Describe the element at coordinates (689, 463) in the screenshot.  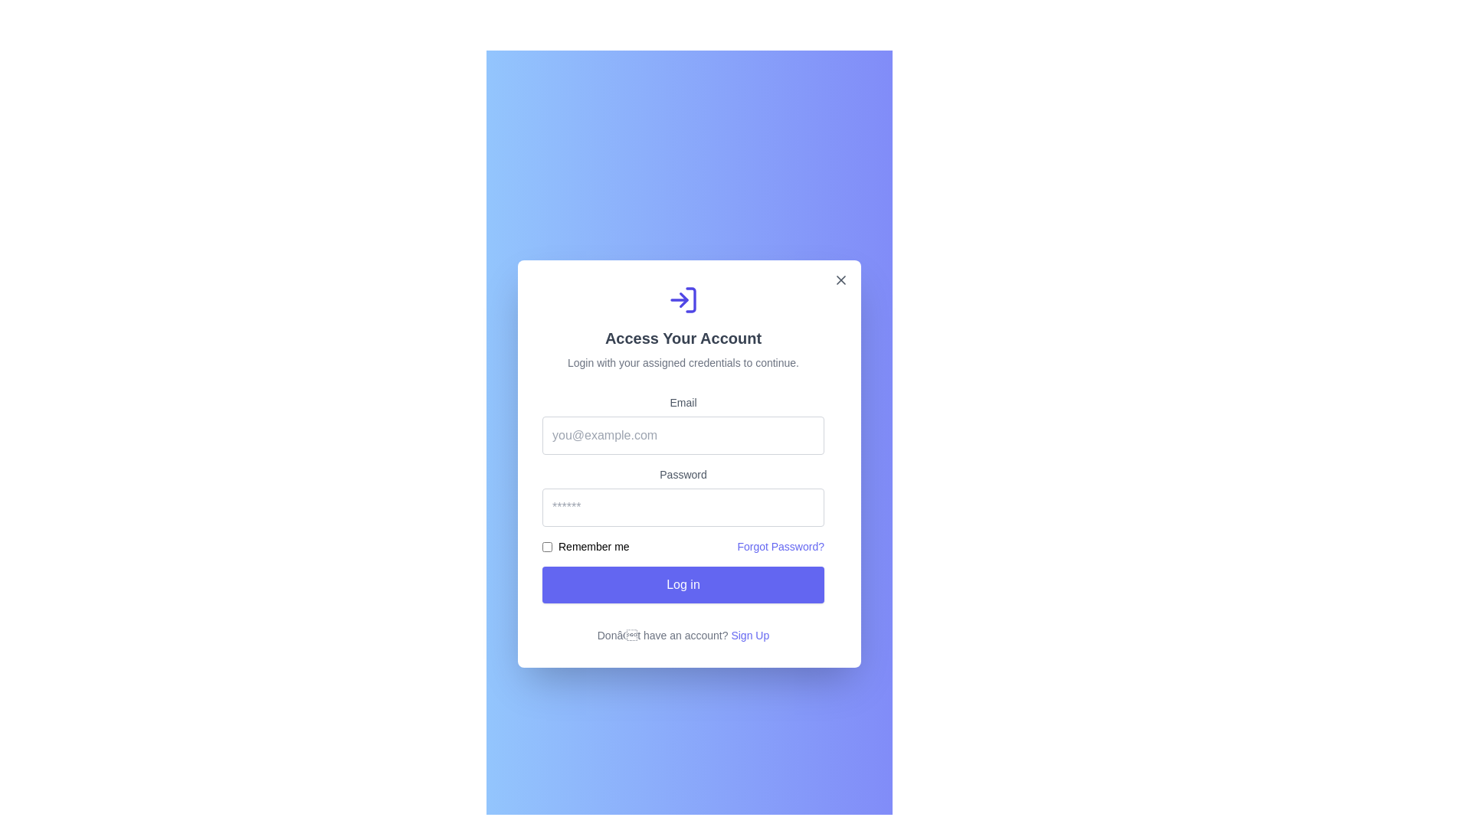
I see `the 'Password' text label, which is a gray text component on a white background, located above the password input field` at that location.